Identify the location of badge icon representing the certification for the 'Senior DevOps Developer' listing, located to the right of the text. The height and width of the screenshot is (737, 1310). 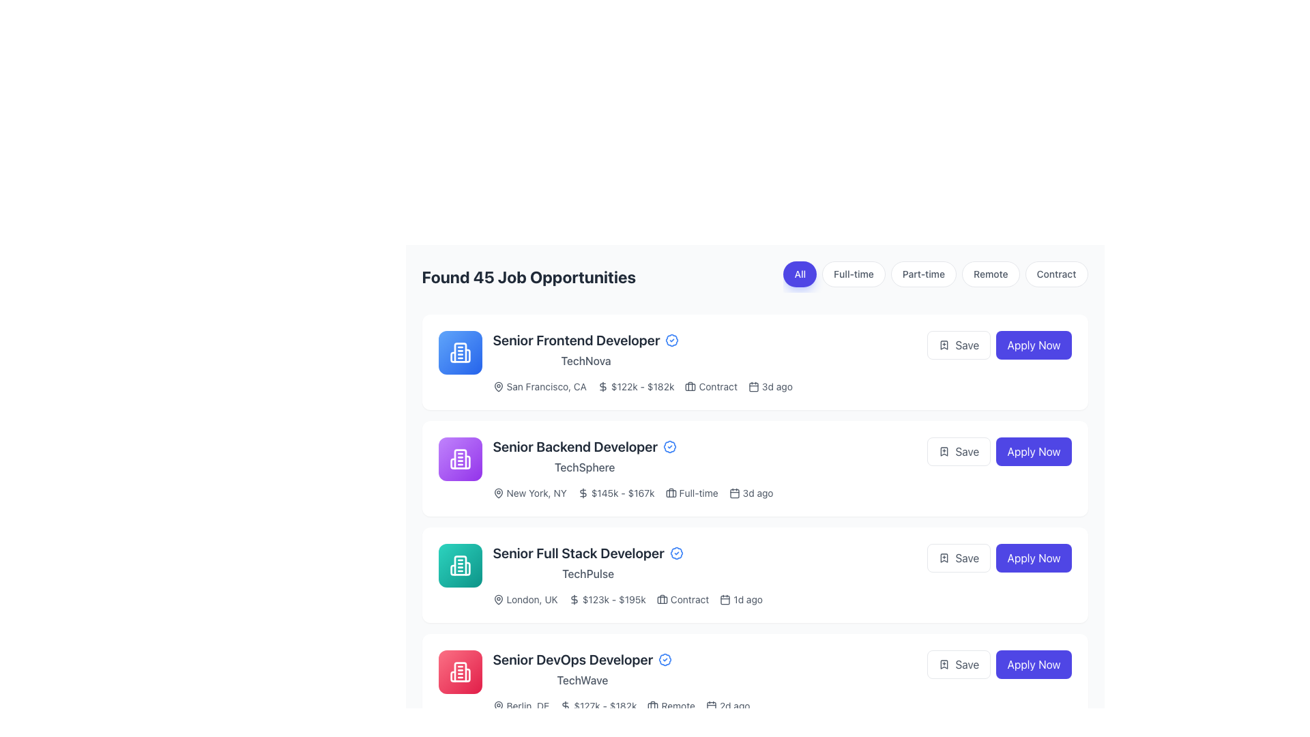
(665, 659).